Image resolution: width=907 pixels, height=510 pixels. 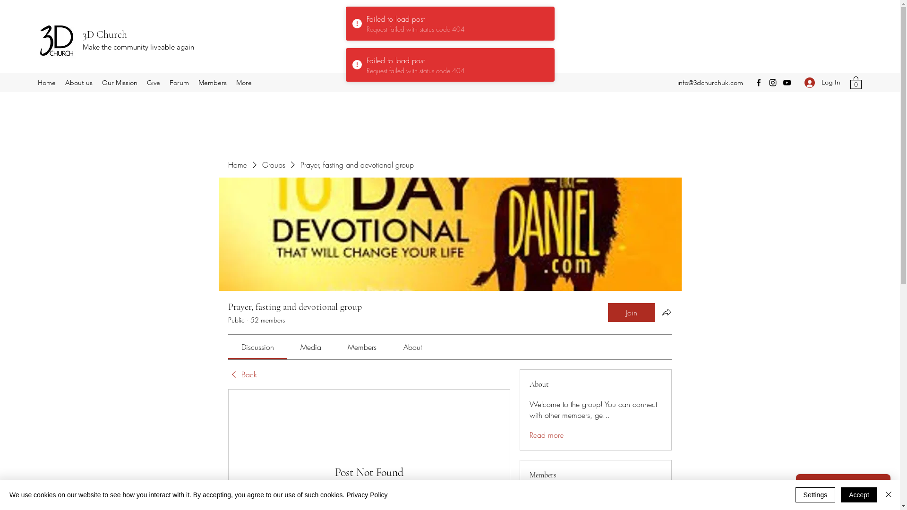 I want to click on 'Join', so click(x=631, y=313).